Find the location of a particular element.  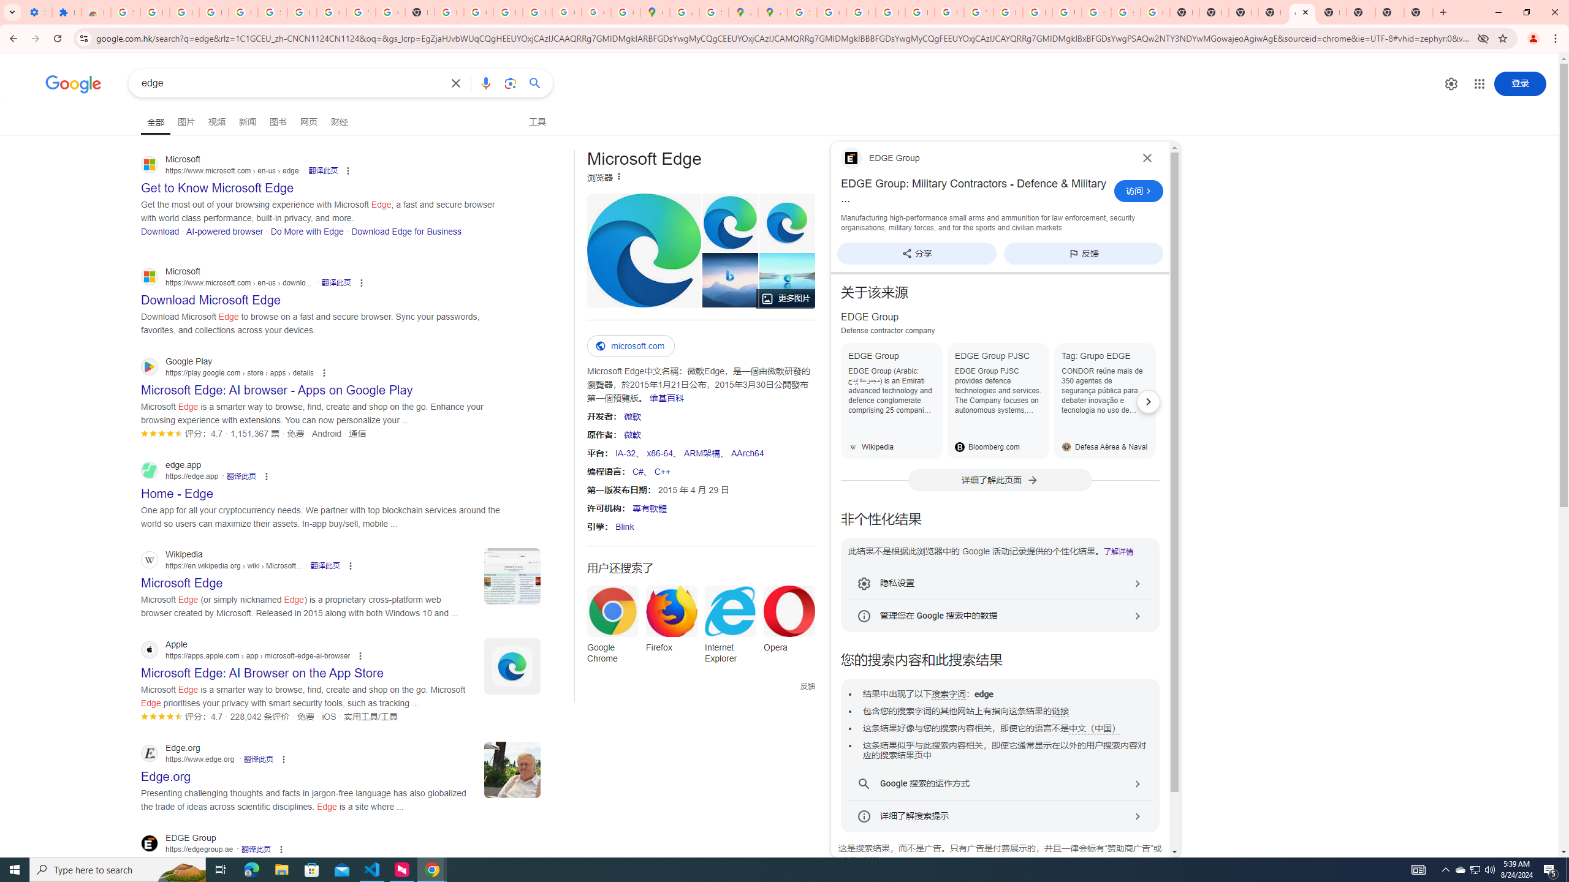

'EDGE Group PJSC' is located at coordinates (998, 401).